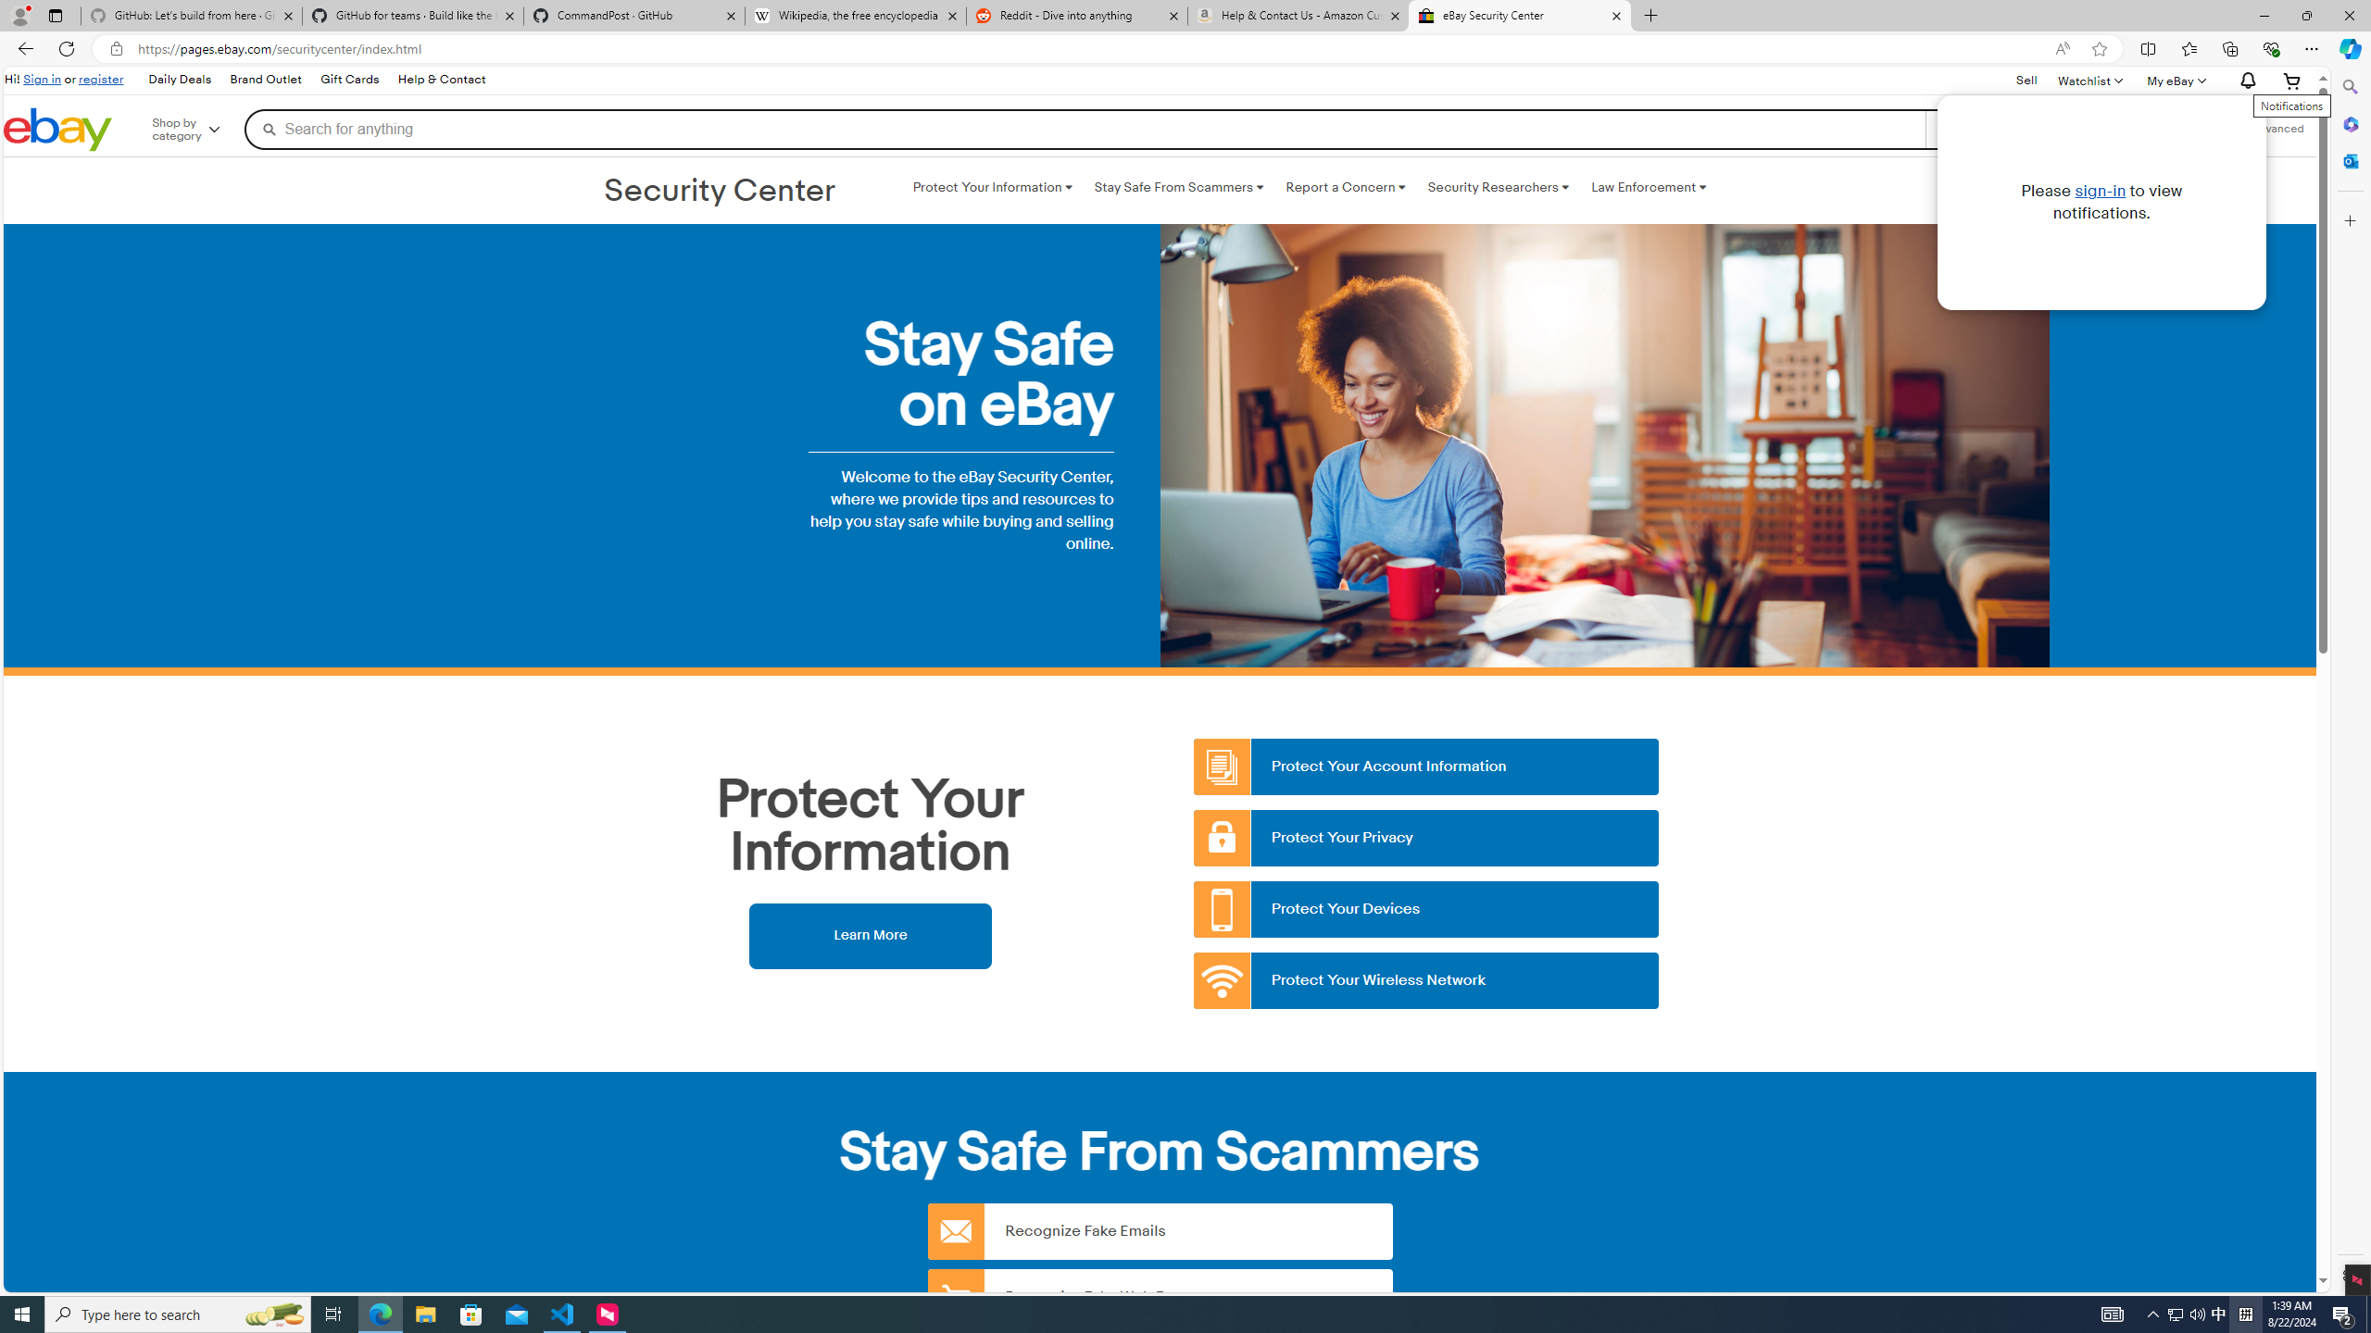  What do you see at coordinates (1498, 187) in the screenshot?
I see `'Security Researchers '` at bounding box center [1498, 187].